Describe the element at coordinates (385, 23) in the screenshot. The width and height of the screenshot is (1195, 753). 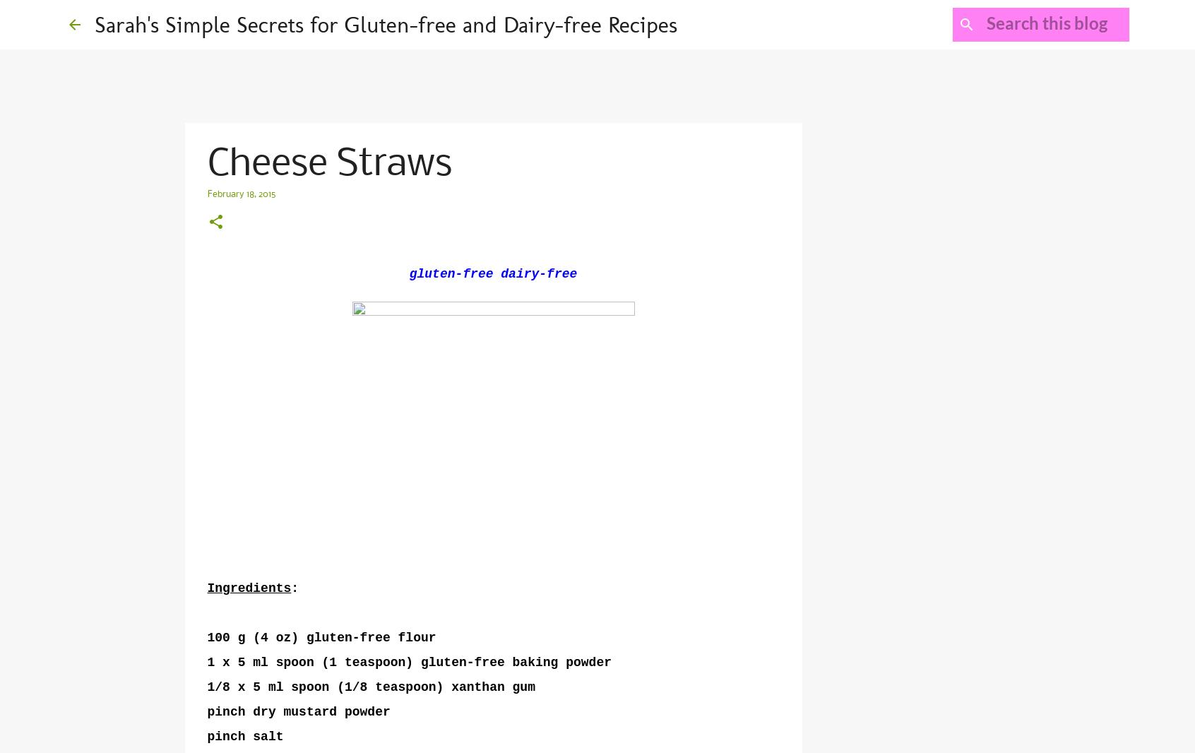
I see `'Sarah's Simple Secrets for Gluten-free and Dairy-free Recipes'` at that location.